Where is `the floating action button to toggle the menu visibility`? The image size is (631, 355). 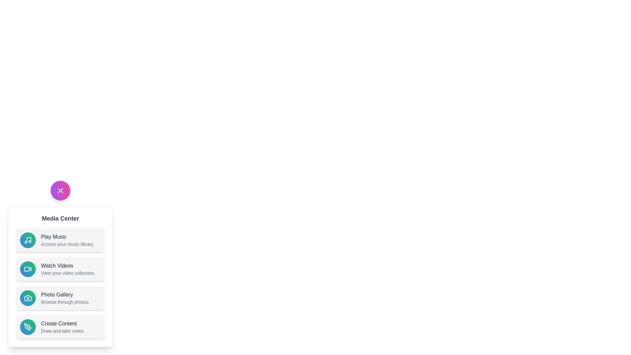
the floating action button to toggle the menu visibility is located at coordinates (60, 190).